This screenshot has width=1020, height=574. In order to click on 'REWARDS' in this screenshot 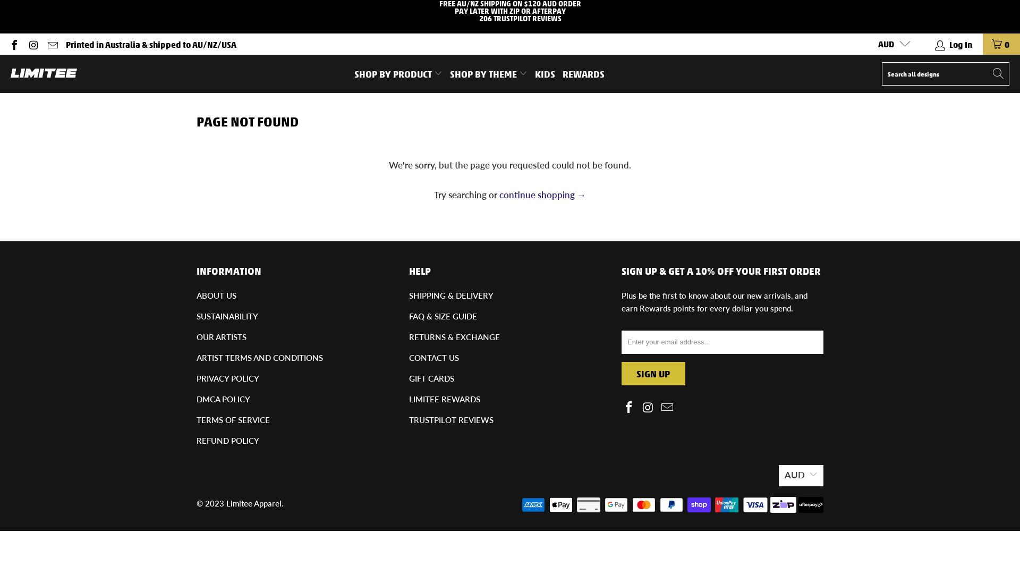, I will do `click(583, 73)`.